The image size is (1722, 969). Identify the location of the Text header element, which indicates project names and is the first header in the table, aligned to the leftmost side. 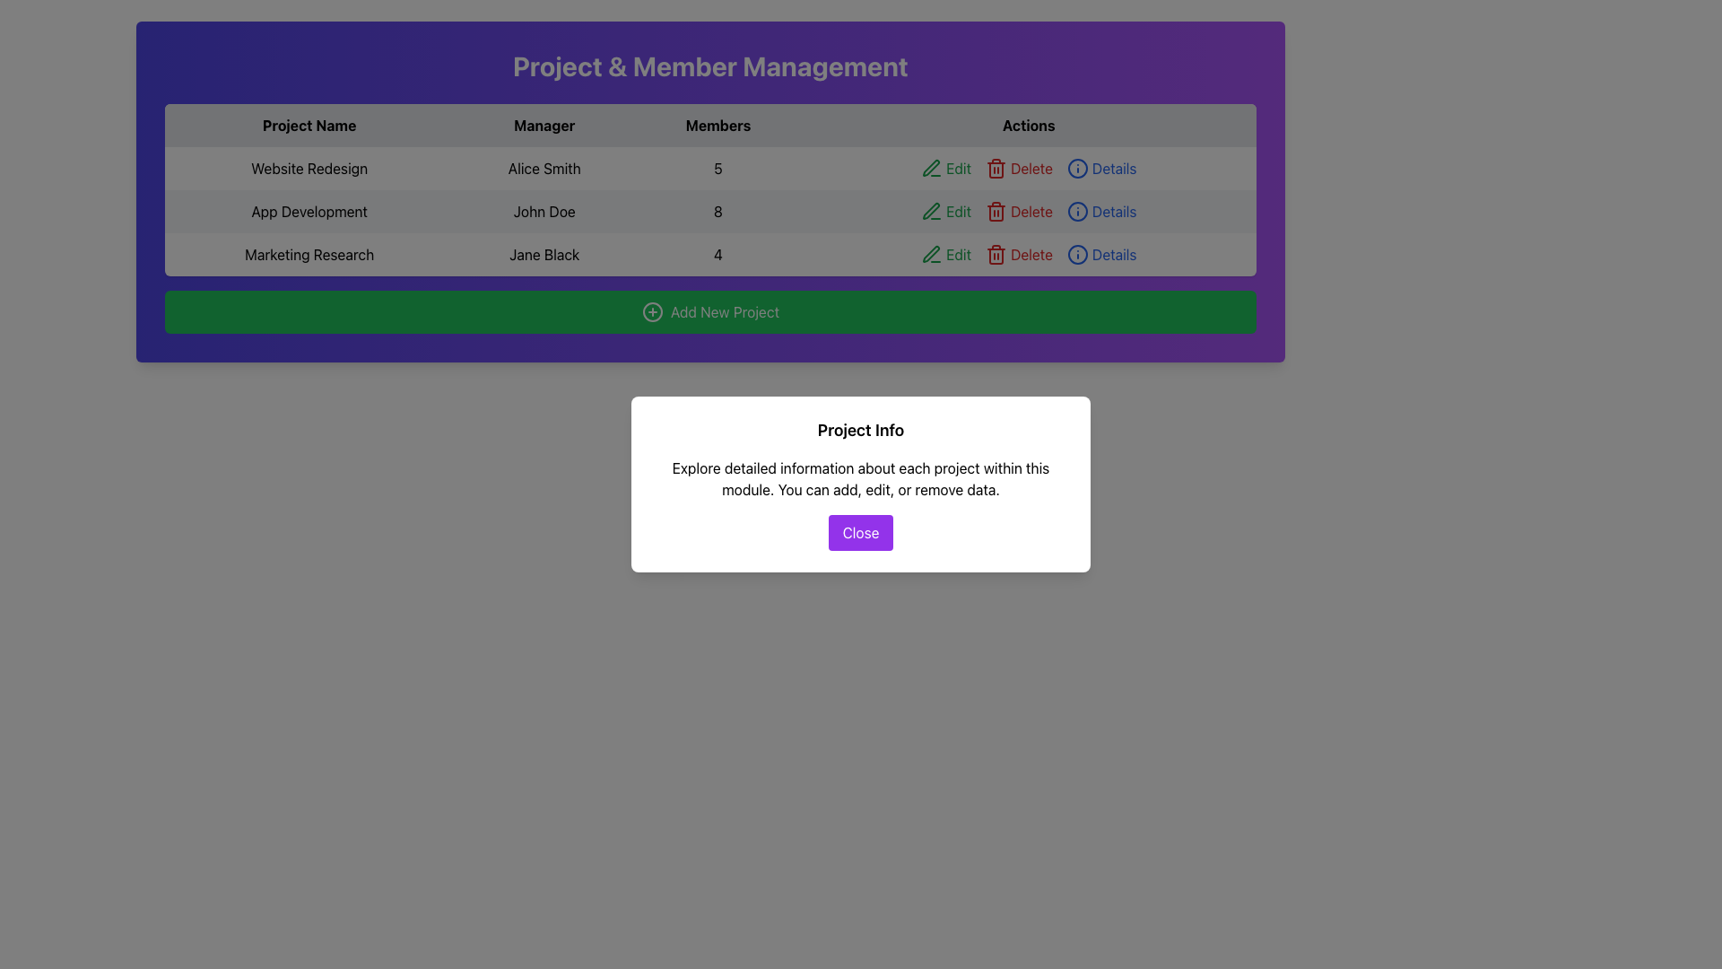
(309, 124).